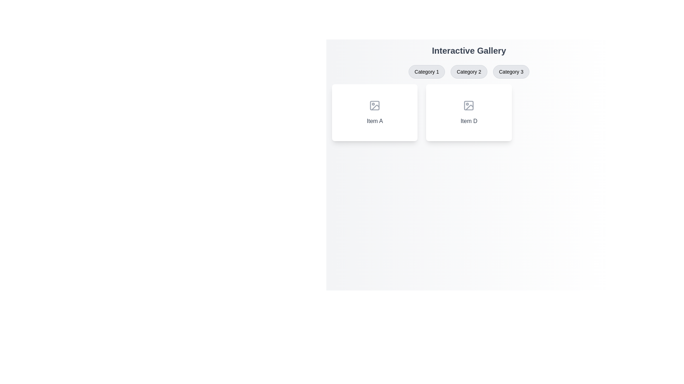 The height and width of the screenshot is (384, 684). What do you see at coordinates (469, 50) in the screenshot?
I see `prominently styled heading displaying the text 'Interactive Gallery' in a bold font, located near the top center of the interface` at bounding box center [469, 50].